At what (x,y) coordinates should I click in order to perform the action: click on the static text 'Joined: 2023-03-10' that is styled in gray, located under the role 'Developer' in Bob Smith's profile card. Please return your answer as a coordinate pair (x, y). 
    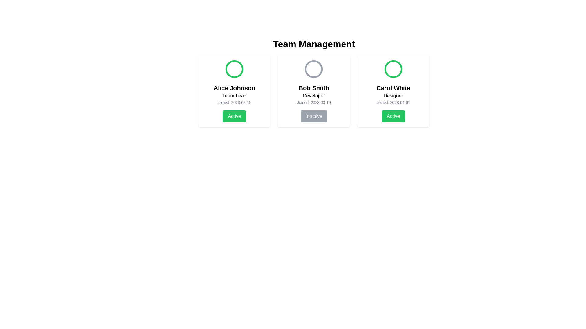
    Looking at the image, I should click on (314, 102).